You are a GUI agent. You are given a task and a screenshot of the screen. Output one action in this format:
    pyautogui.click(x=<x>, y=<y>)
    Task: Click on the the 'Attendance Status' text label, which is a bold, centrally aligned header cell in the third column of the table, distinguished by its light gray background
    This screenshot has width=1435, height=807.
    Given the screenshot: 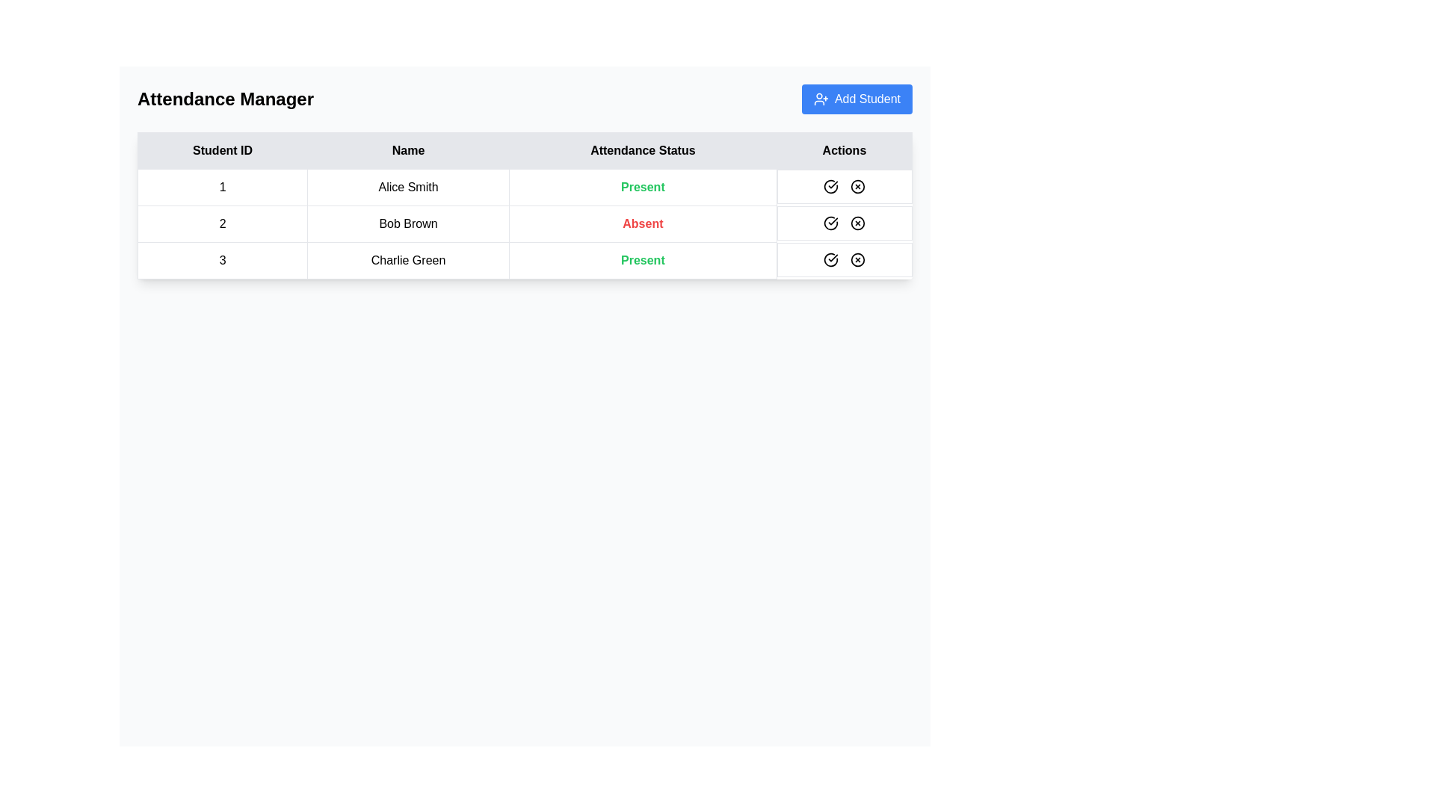 What is the action you would take?
    pyautogui.click(x=643, y=150)
    